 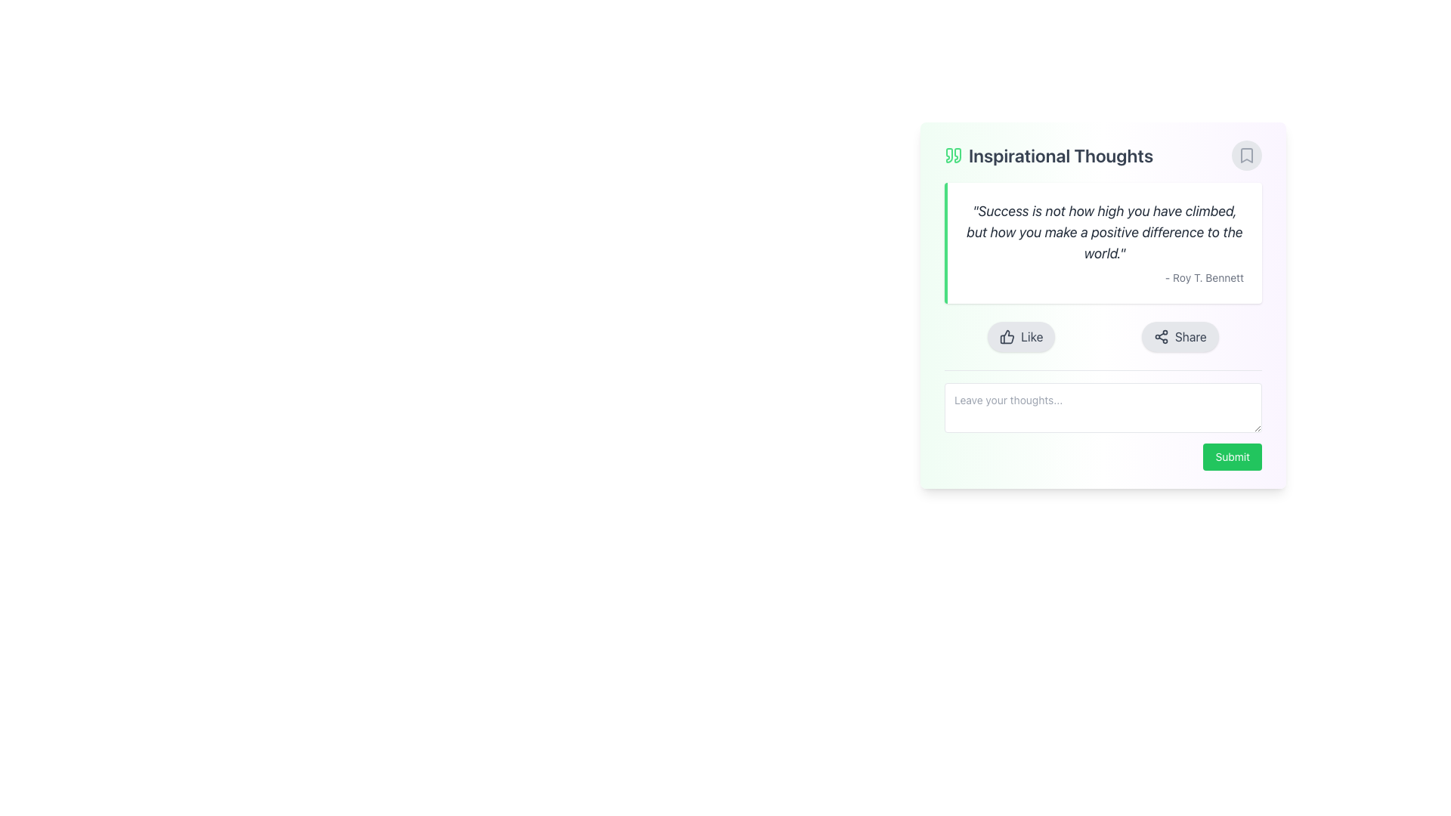 I want to click on the 'thumbs up' wireframe icon located to the left of the 'Like' text within the rounded rectangular 'Like' button, so click(x=1007, y=336).